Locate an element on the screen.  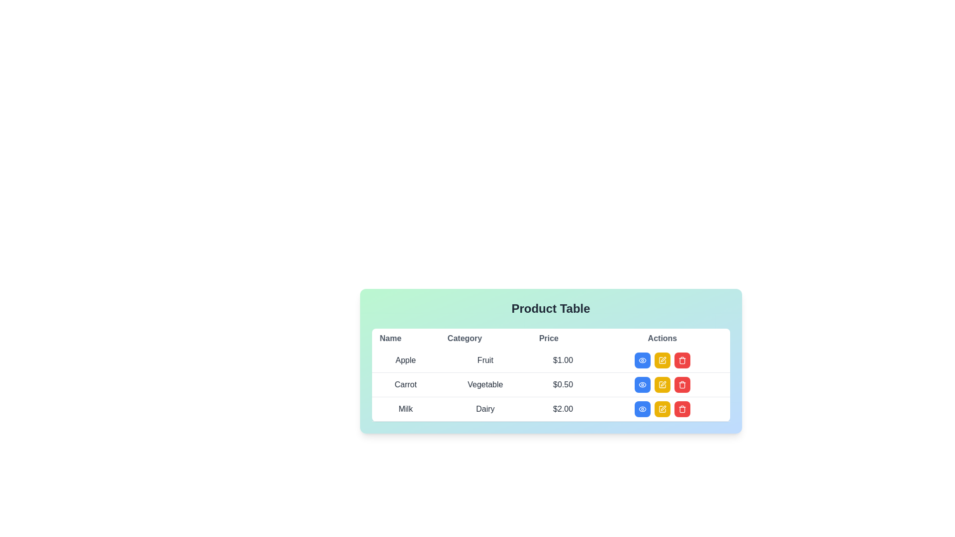
the rounded rectangular button with a solid blue background and white border containing a white eye icon, located in the bottommost row of the table under the 'Actions' column is located at coordinates (642, 409).